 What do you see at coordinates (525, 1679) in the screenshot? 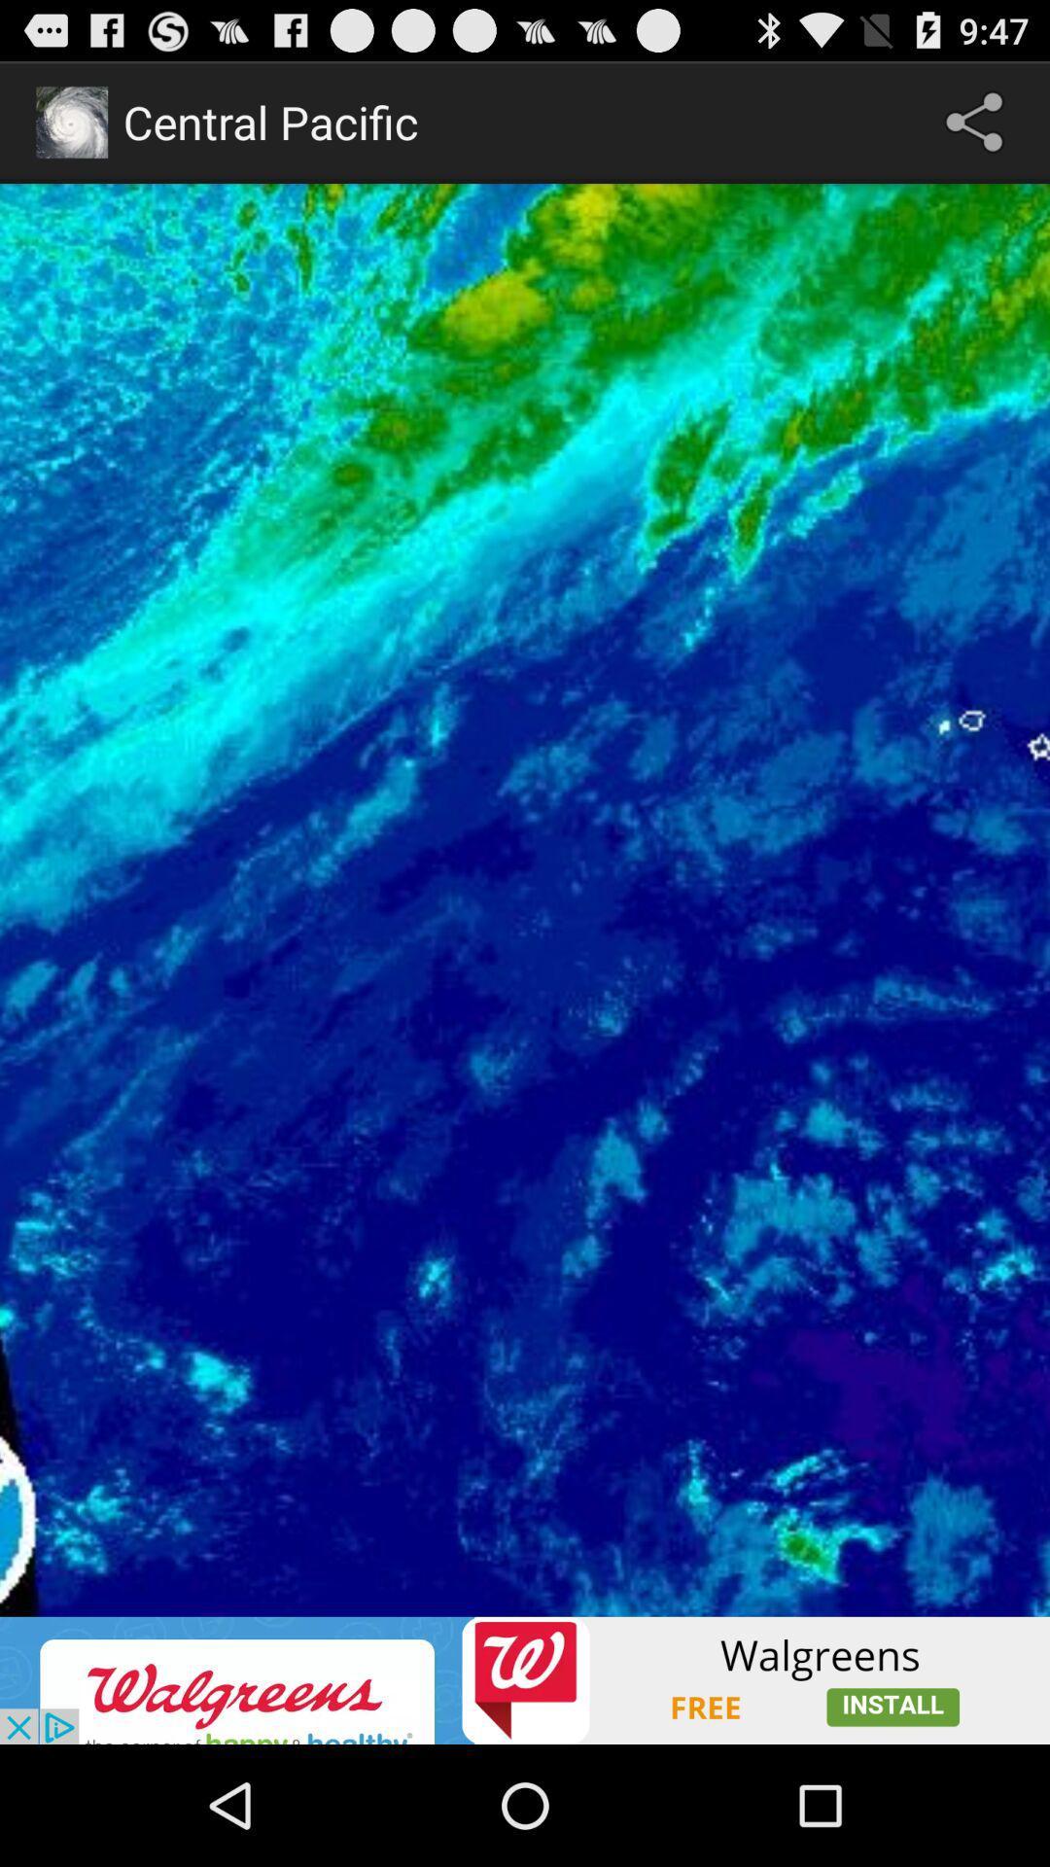
I see `advertisement` at bounding box center [525, 1679].